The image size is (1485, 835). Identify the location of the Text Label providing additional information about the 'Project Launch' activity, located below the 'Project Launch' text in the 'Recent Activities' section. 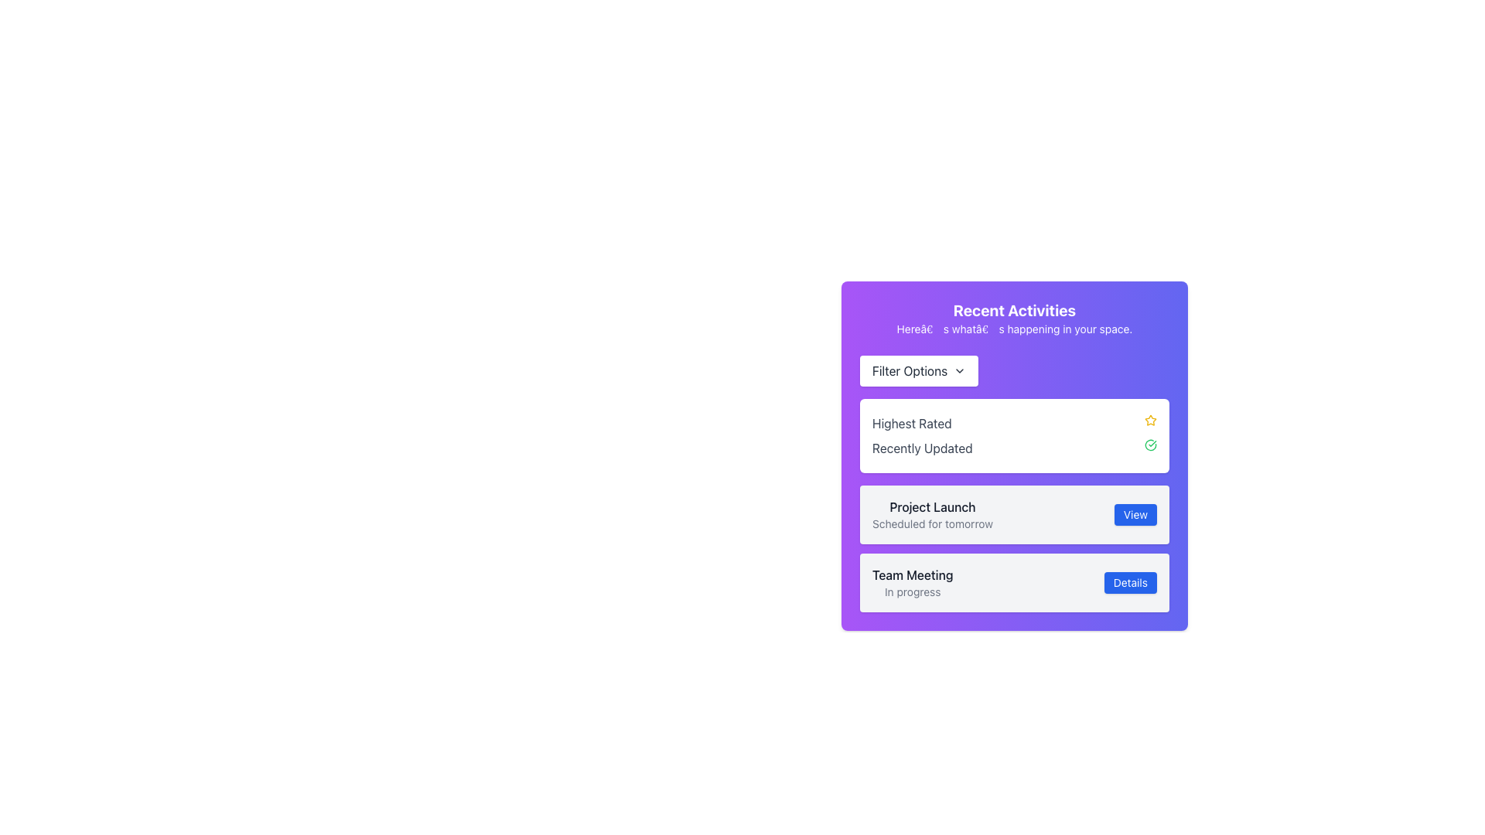
(931, 523).